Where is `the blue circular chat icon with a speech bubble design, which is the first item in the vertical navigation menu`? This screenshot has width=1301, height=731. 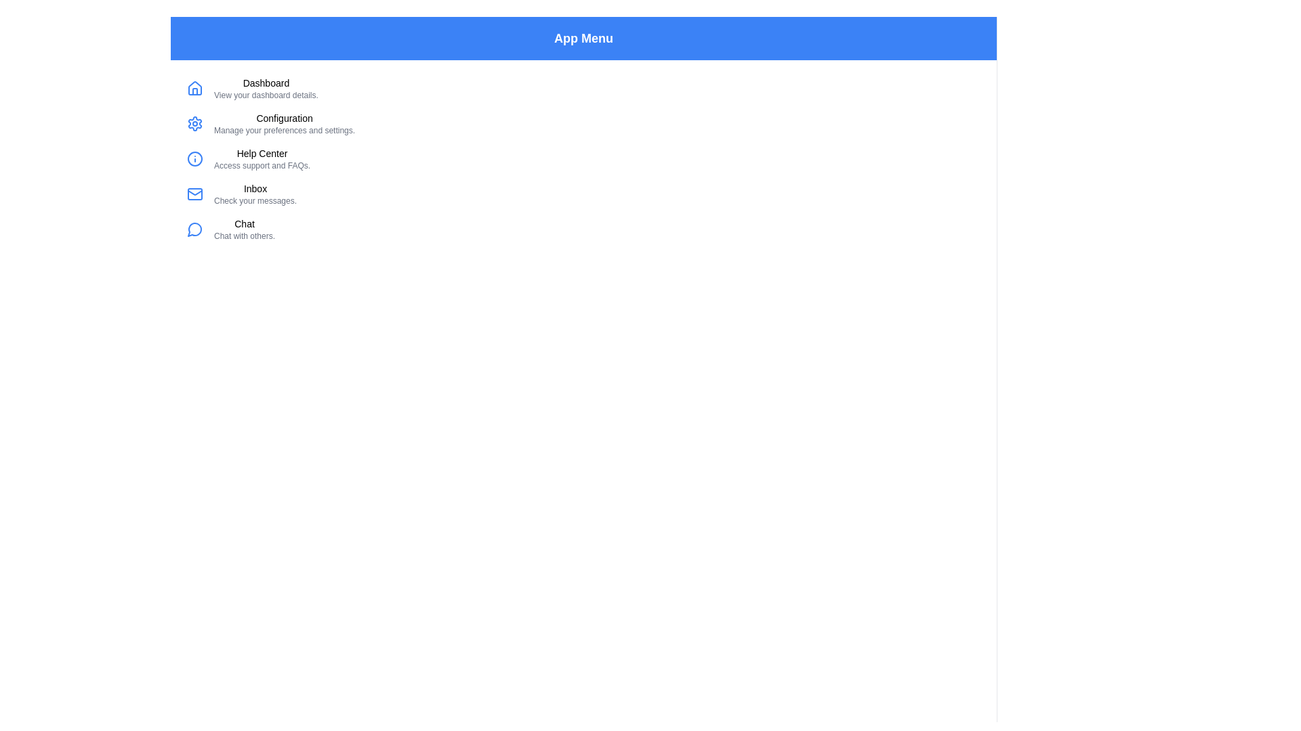
the blue circular chat icon with a speech bubble design, which is the first item in the vertical navigation menu is located at coordinates (194, 229).